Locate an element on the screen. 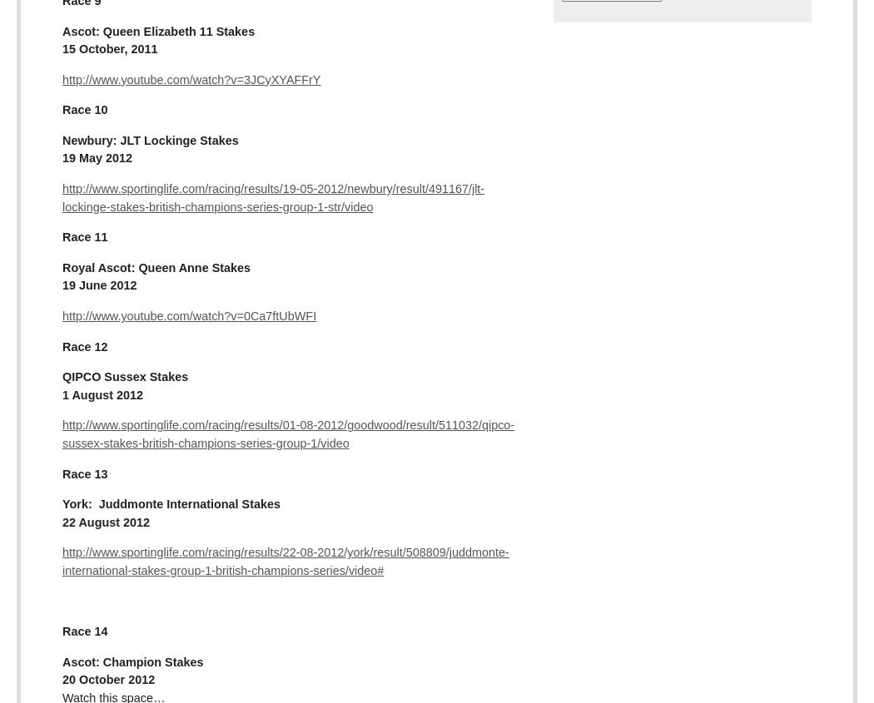 This screenshot has width=874, height=703. 'Race 11' is located at coordinates (84, 237).